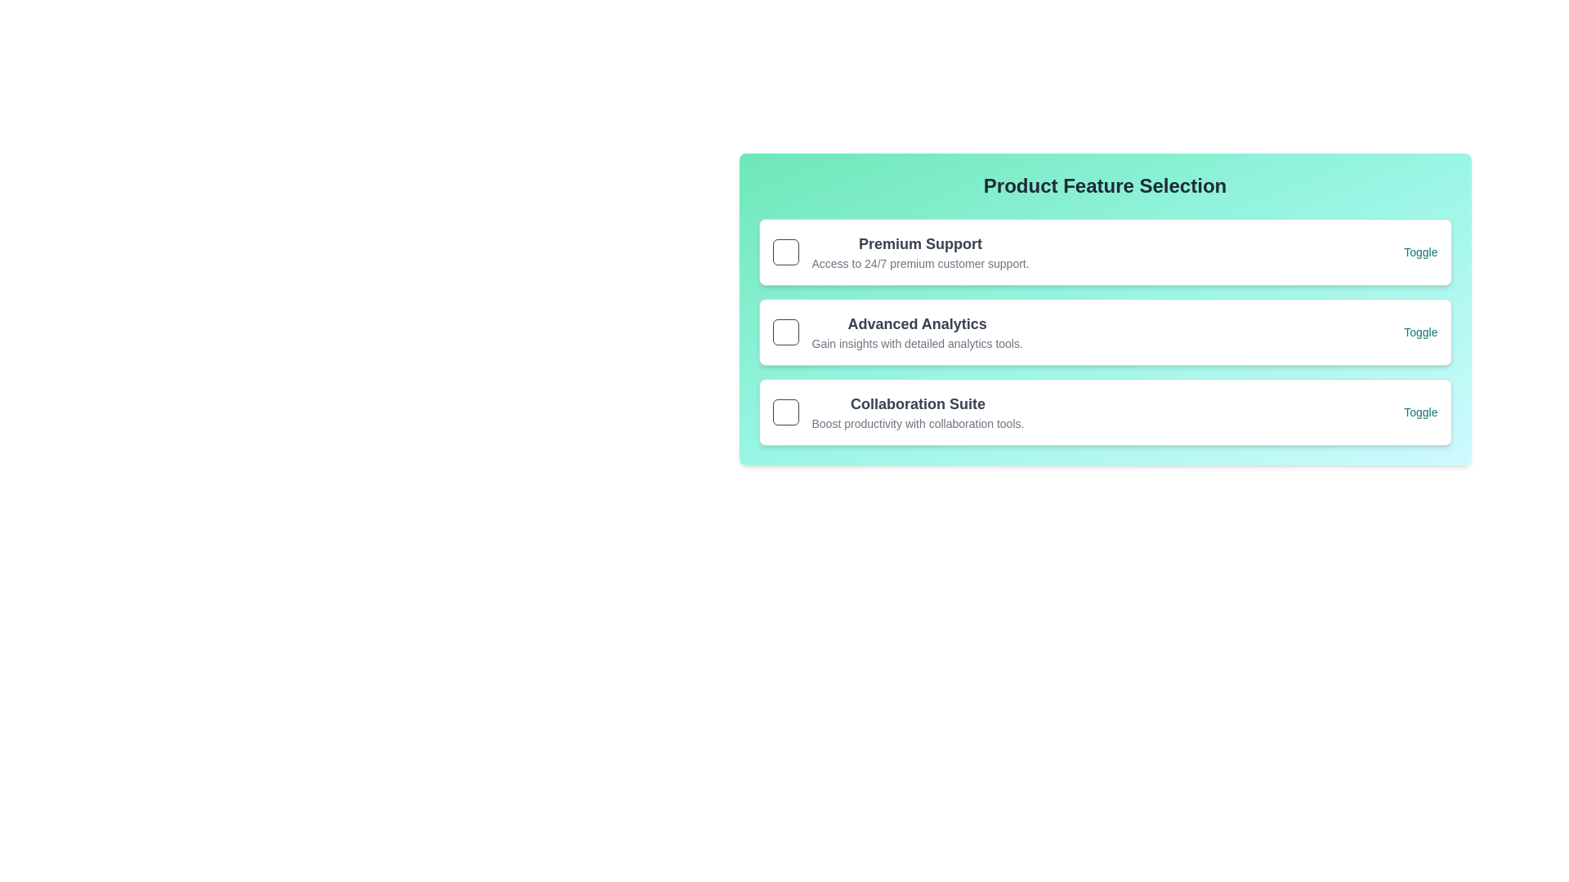 The width and height of the screenshot is (1569, 882). Describe the element at coordinates (1105, 412) in the screenshot. I see `the checkbox in the Interactive feature card labeled 'Collaboration Suite'` at that location.